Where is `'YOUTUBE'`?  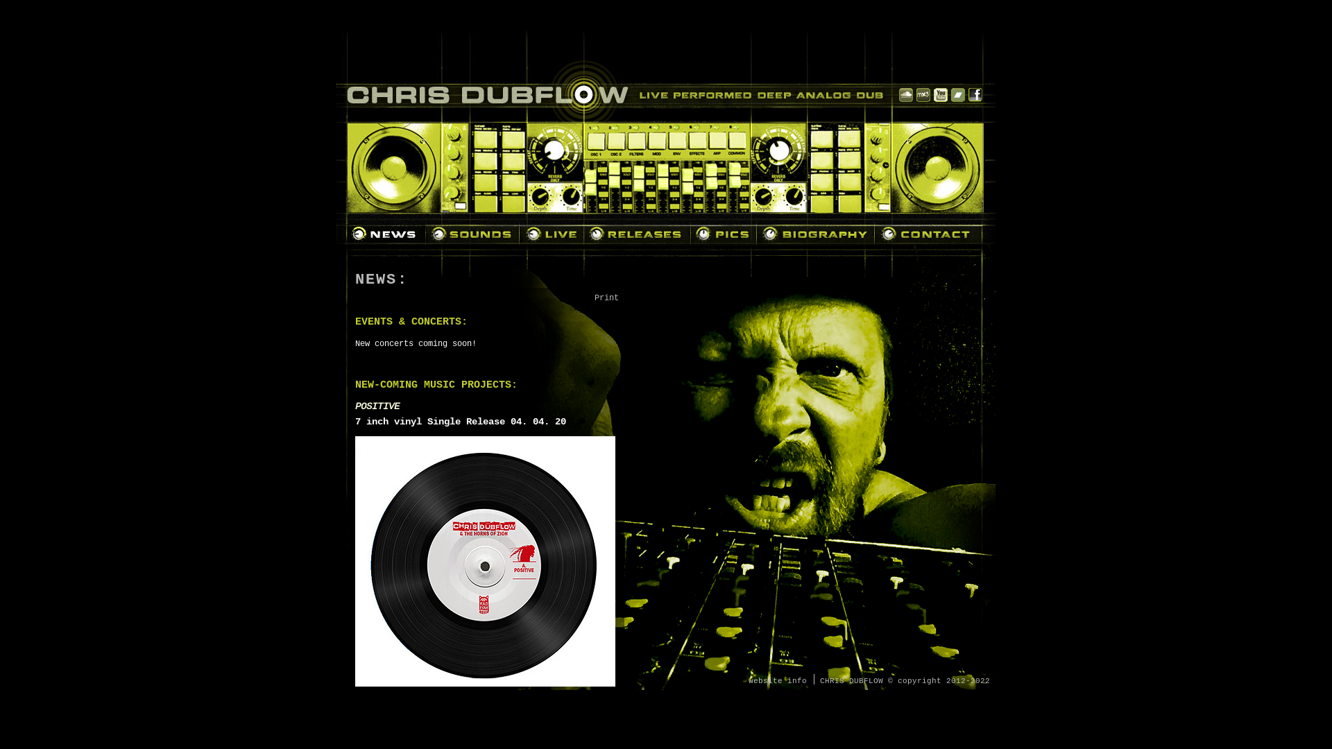
'YOUTUBE' is located at coordinates (941, 94).